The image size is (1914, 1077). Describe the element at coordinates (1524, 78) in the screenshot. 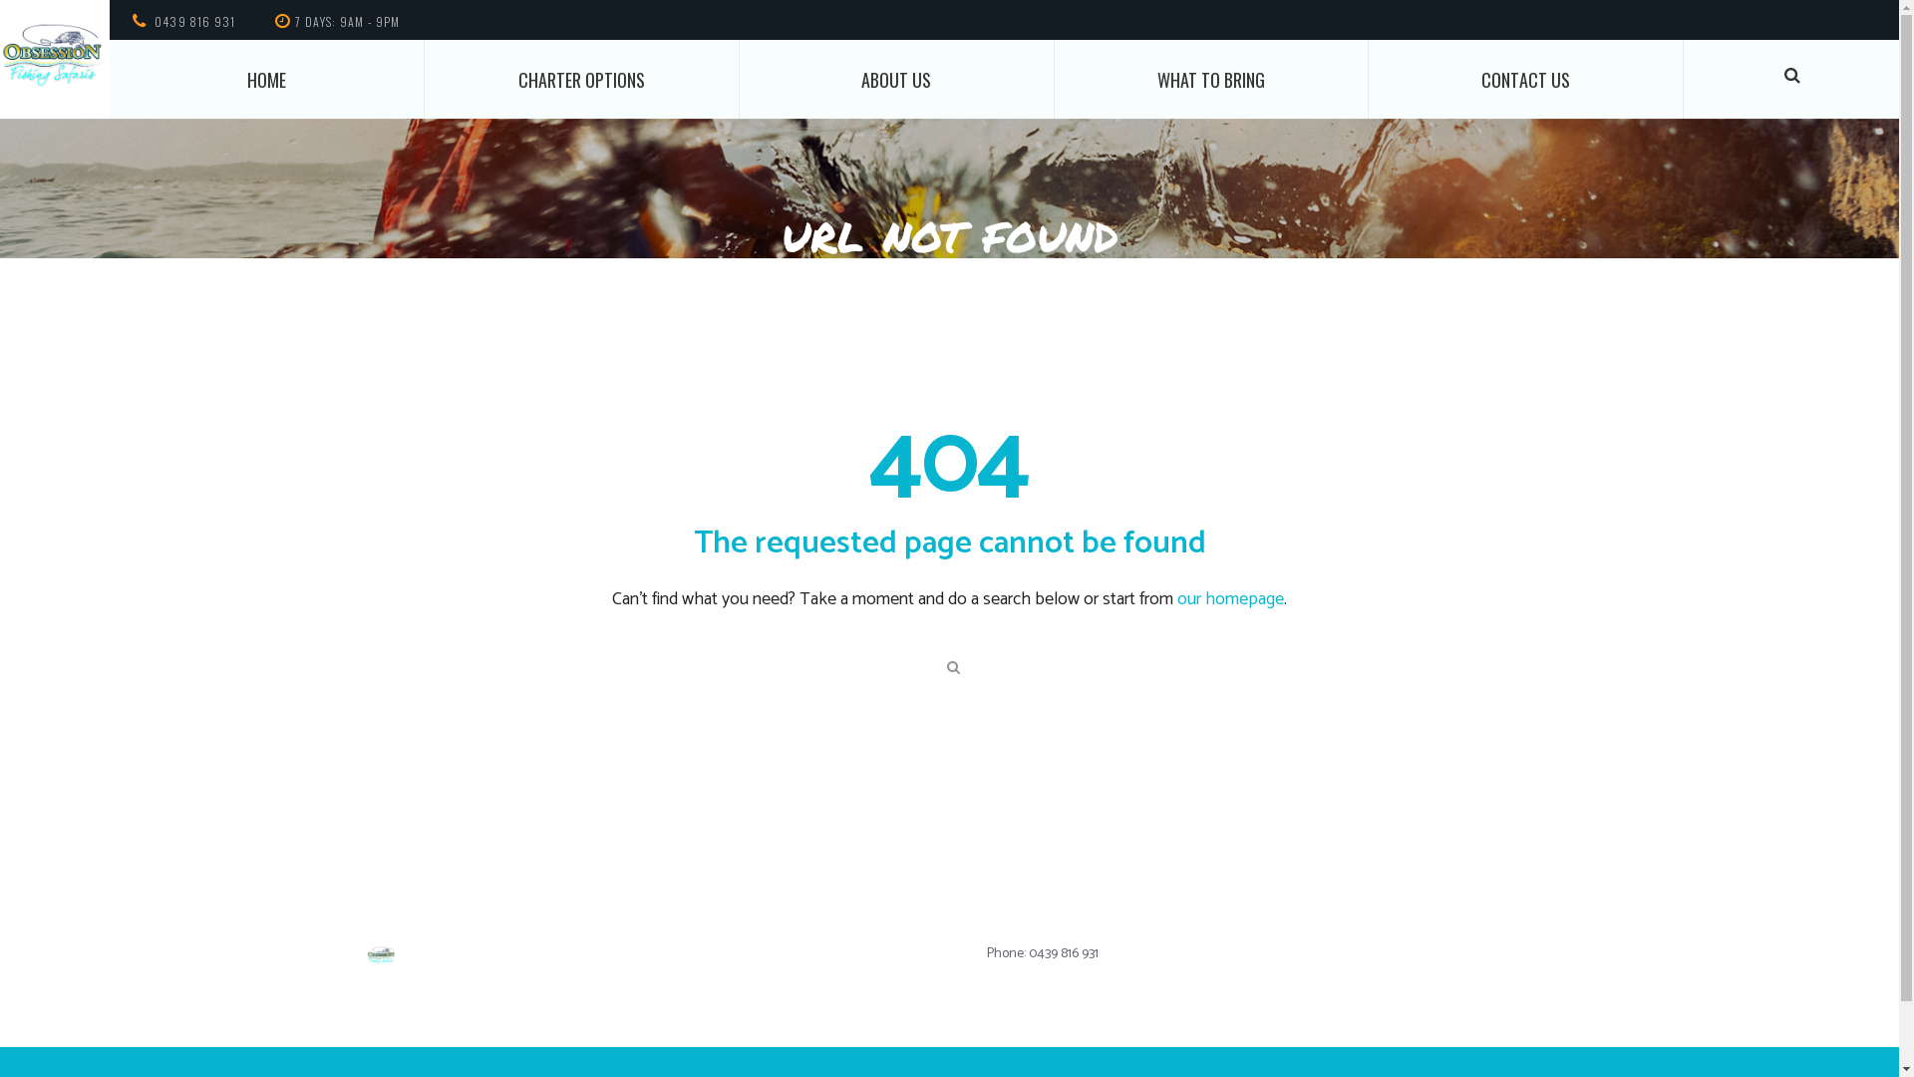

I see `'CONTACT US'` at that location.